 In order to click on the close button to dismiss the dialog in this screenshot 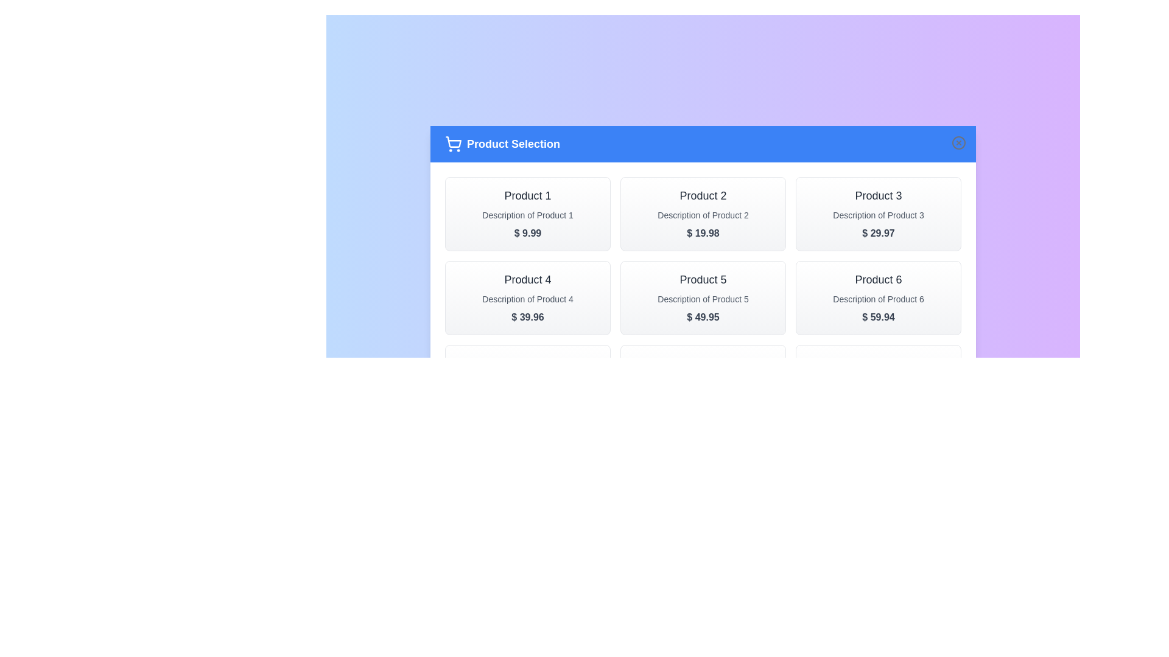, I will do `click(958, 142)`.